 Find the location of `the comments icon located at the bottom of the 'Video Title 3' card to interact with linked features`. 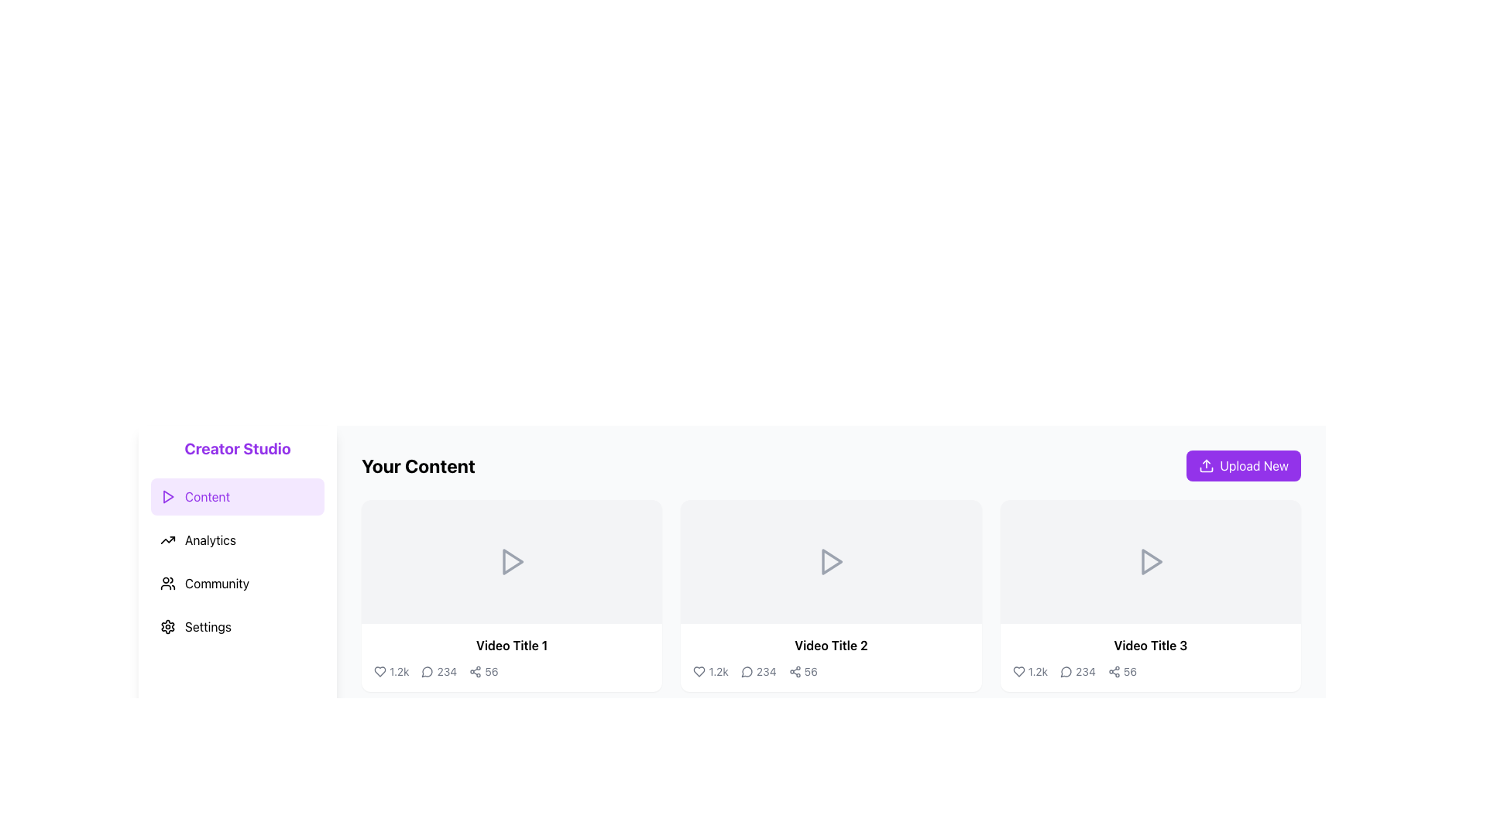

the comments icon located at the bottom of the 'Video Title 3' card to interact with linked features is located at coordinates (1065, 671).